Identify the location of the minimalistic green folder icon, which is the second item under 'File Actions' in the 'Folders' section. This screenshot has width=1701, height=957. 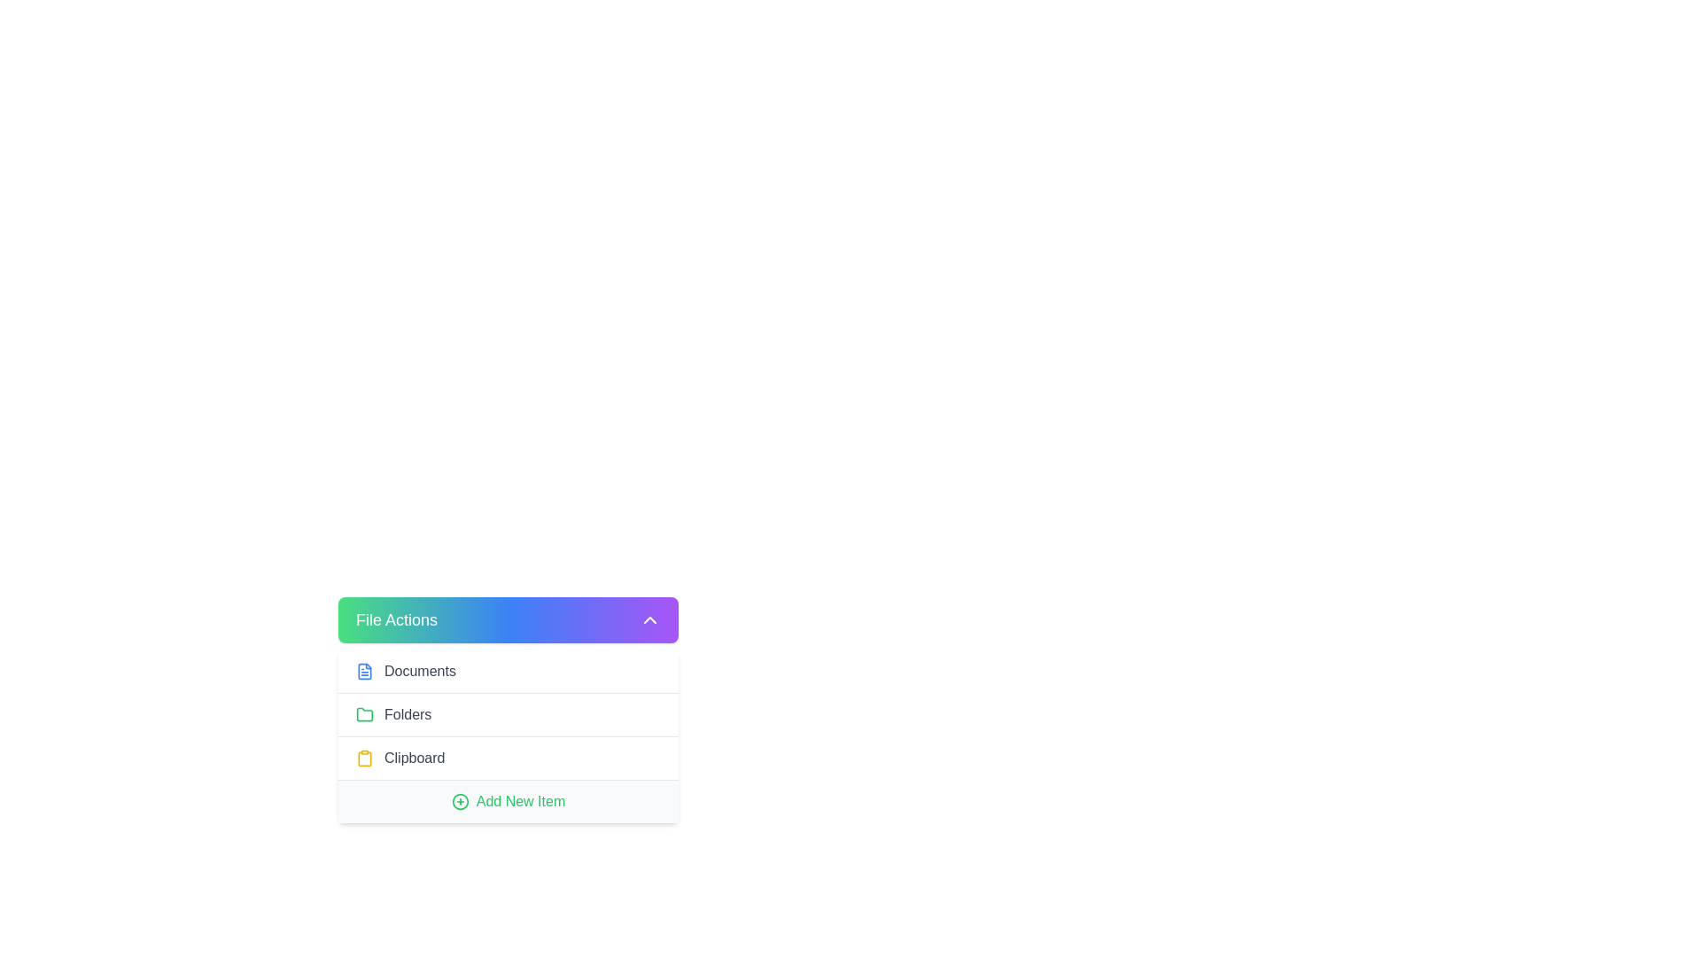
(364, 713).